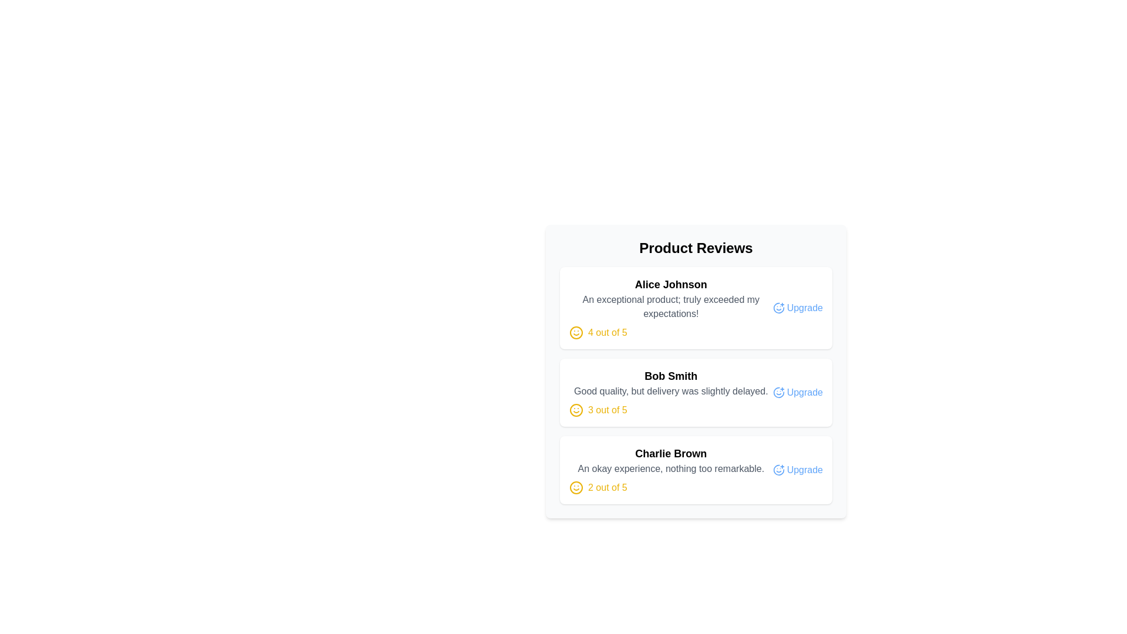  I want to click on 'Upgrade' button for the review by Bob Smith, so click(798, 392).